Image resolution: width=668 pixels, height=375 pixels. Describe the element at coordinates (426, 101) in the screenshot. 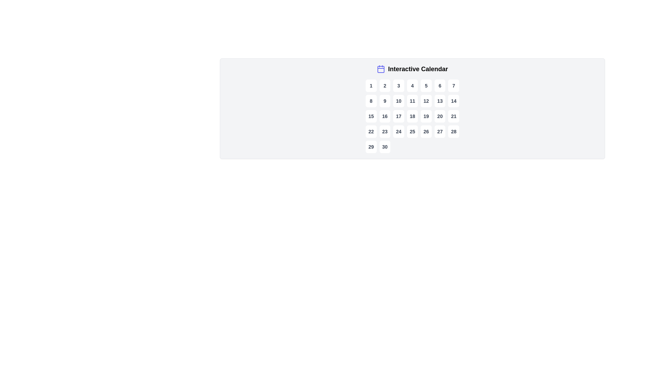

I see `the rounded rectangular button labeled '12' in bold, dark gray font located in the fifth cell of the second row in a calendar grid layout` at that location.